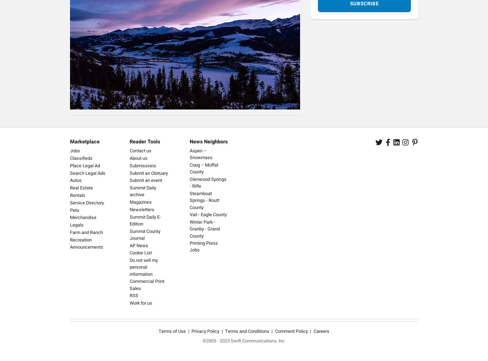 Image resolution: width=488 pixels, height=361 pixels. What do you see at coordinates (74, 151) in the screenshot?
I see `'Jobs'` at bounding box center [74, 151].